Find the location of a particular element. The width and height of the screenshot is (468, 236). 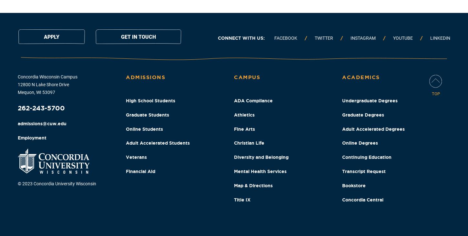

'Bookstore' is located at coordinates (342, 185).